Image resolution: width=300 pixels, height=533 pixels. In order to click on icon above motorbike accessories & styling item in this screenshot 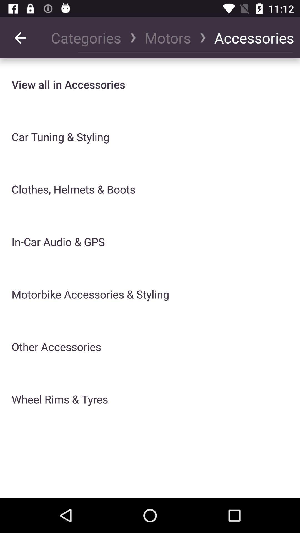, I will do `click(58, 242)`.